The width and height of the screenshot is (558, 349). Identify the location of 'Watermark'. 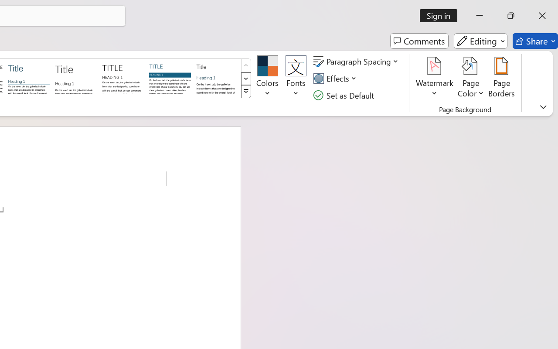
(435, 78).